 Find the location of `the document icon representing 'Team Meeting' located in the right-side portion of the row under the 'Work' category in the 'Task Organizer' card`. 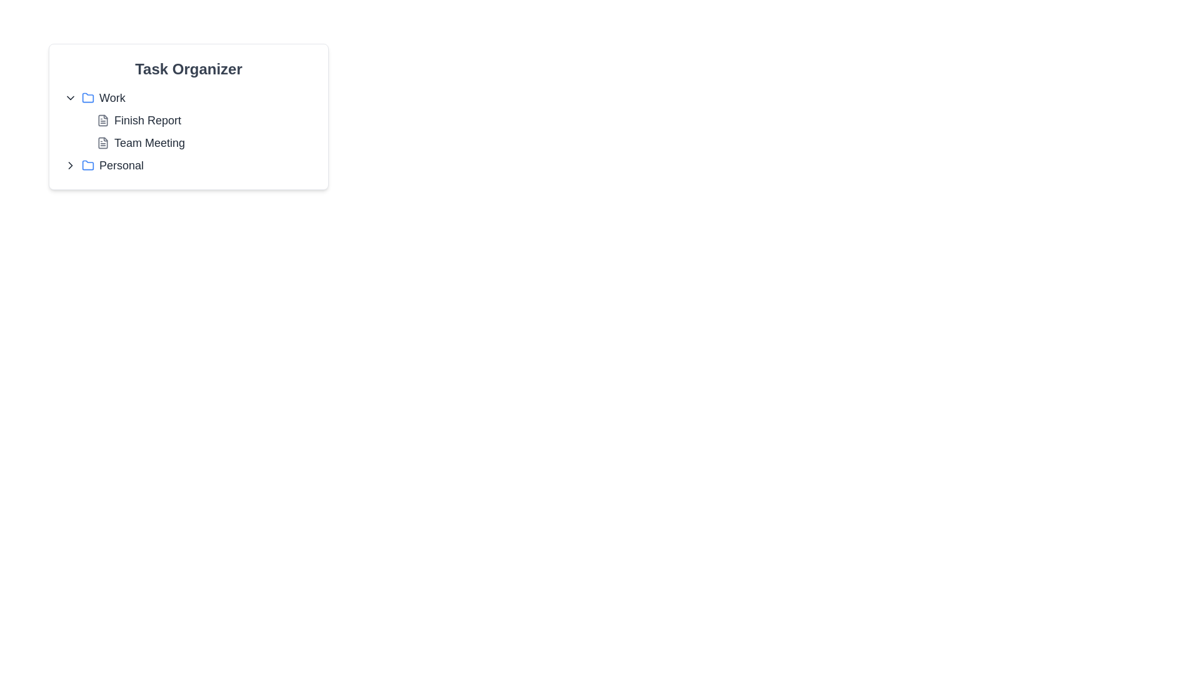

the document icon representing 'Team Meeting' located in the right-side portion of the row under the 'Work' category in the 'Task Organizer' card is located at coordinates (102, 142).